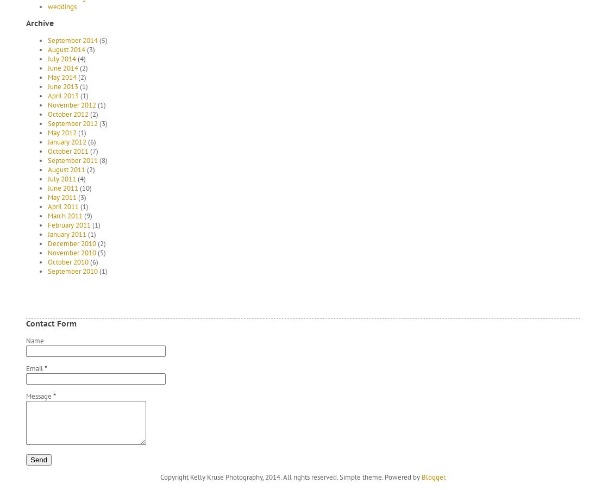 The image size is (602, 490). What do you see at coordinates (444, 476) in the screenshot?
I see `'.'` at bounding box center [444, 476].